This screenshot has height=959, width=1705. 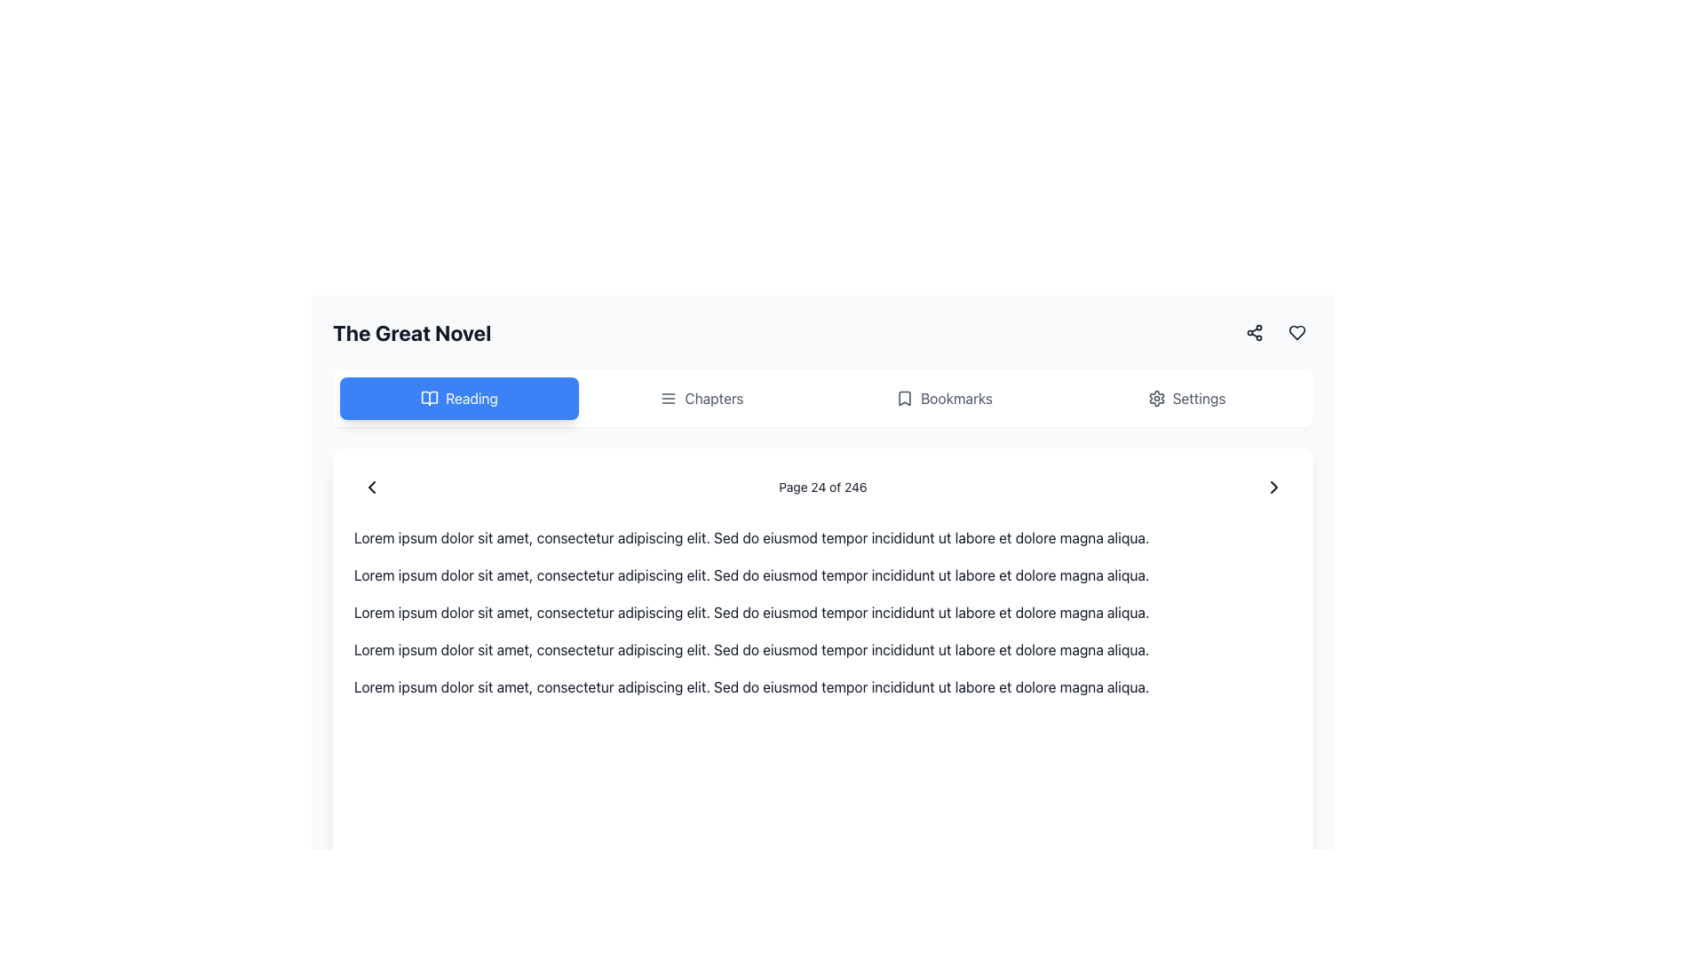 What do you see at coordinates (943, 397) in the screenshot?
I see `the 'Bookmarks' button, which is styled with a bookmark icon to the left of the text, located in the horizontal navigation bar` at bounding box center [943, 397].